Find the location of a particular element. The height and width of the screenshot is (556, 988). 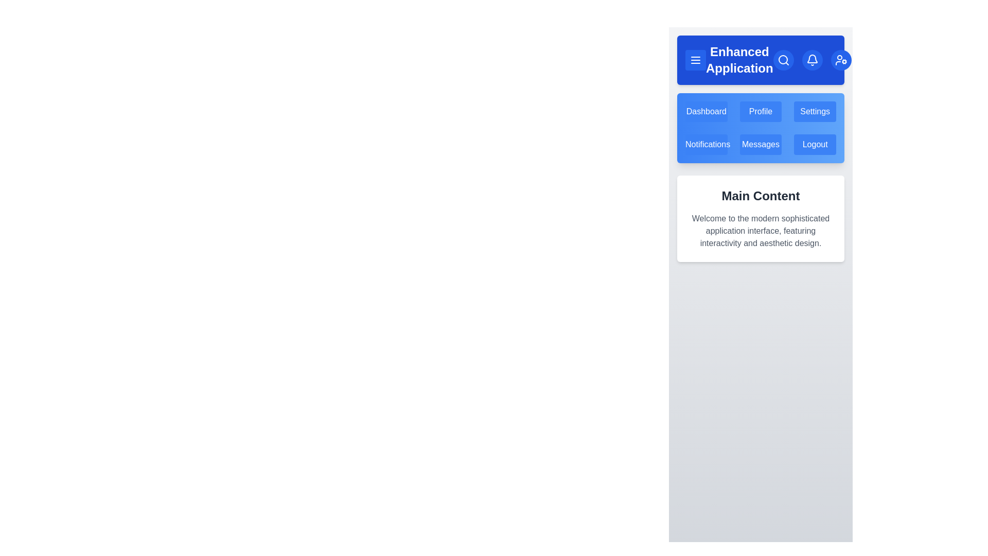

the menu item Profile is located at coordinates (761, 111).